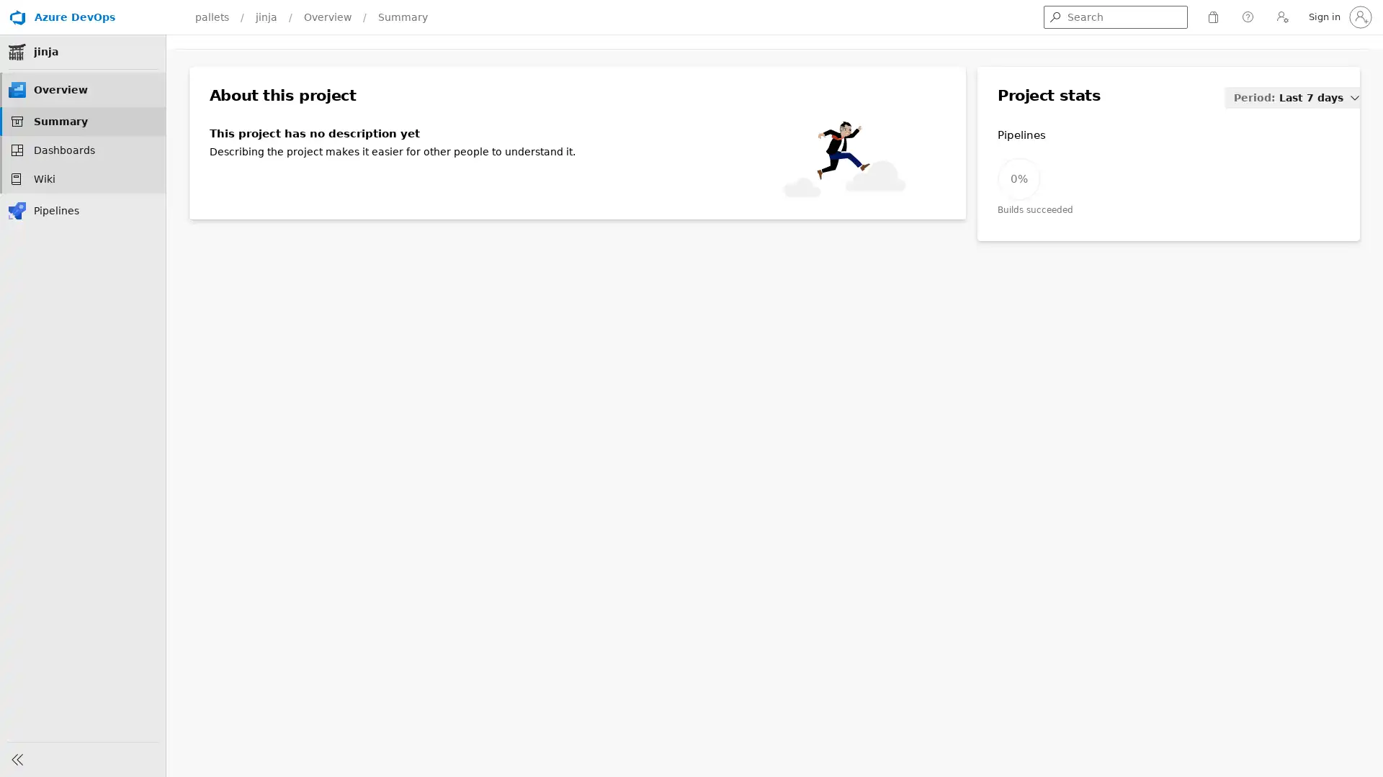 Image resolution: width=1383 pixels, height=777 pixels. Describe the element at coordinates (1055, 17) in the screenshot. I see `Get search results` at that location.